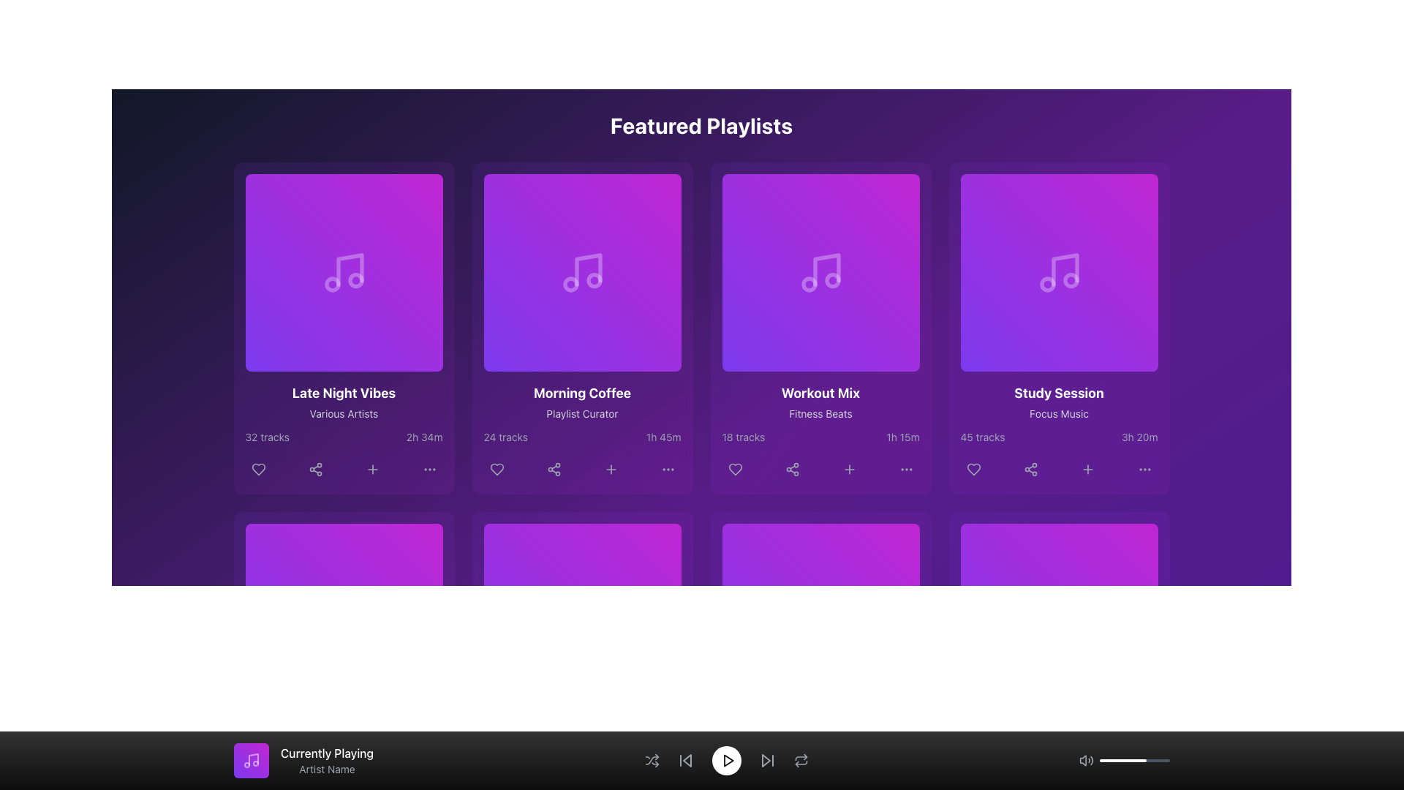 This screenshot has width=1404, height=790. Describe the element at coordinates (343, 392) in the screenshot. I see `text from the 'Late Night Vibes' label located in the first playlist card from the left in the top row of the playlist section, positioned below the album artwork` at that location.